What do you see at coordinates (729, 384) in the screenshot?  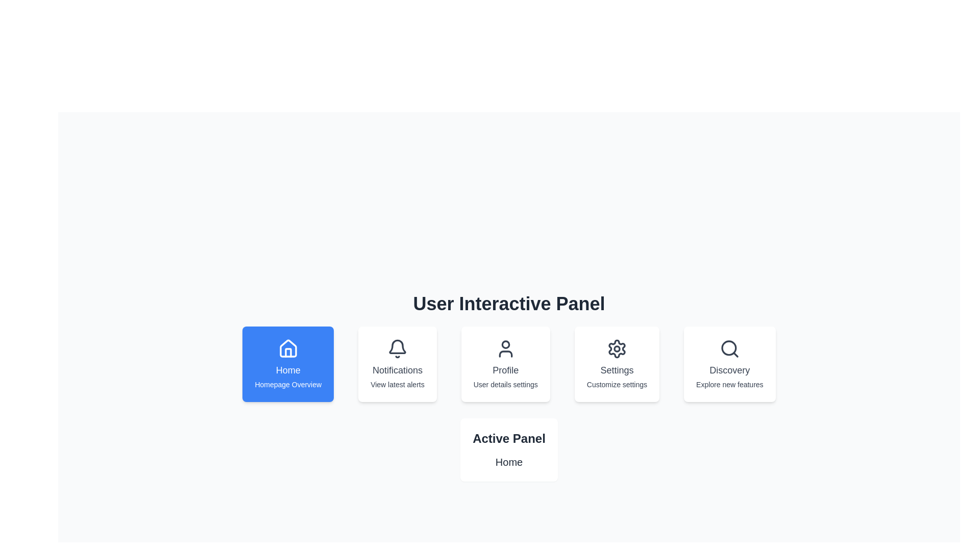 I see `text content of the text label displaying 'Explore new features', which is located below the title 'Discovery' in the card labeled 'Discovery'` at bounding box center [729, 384].